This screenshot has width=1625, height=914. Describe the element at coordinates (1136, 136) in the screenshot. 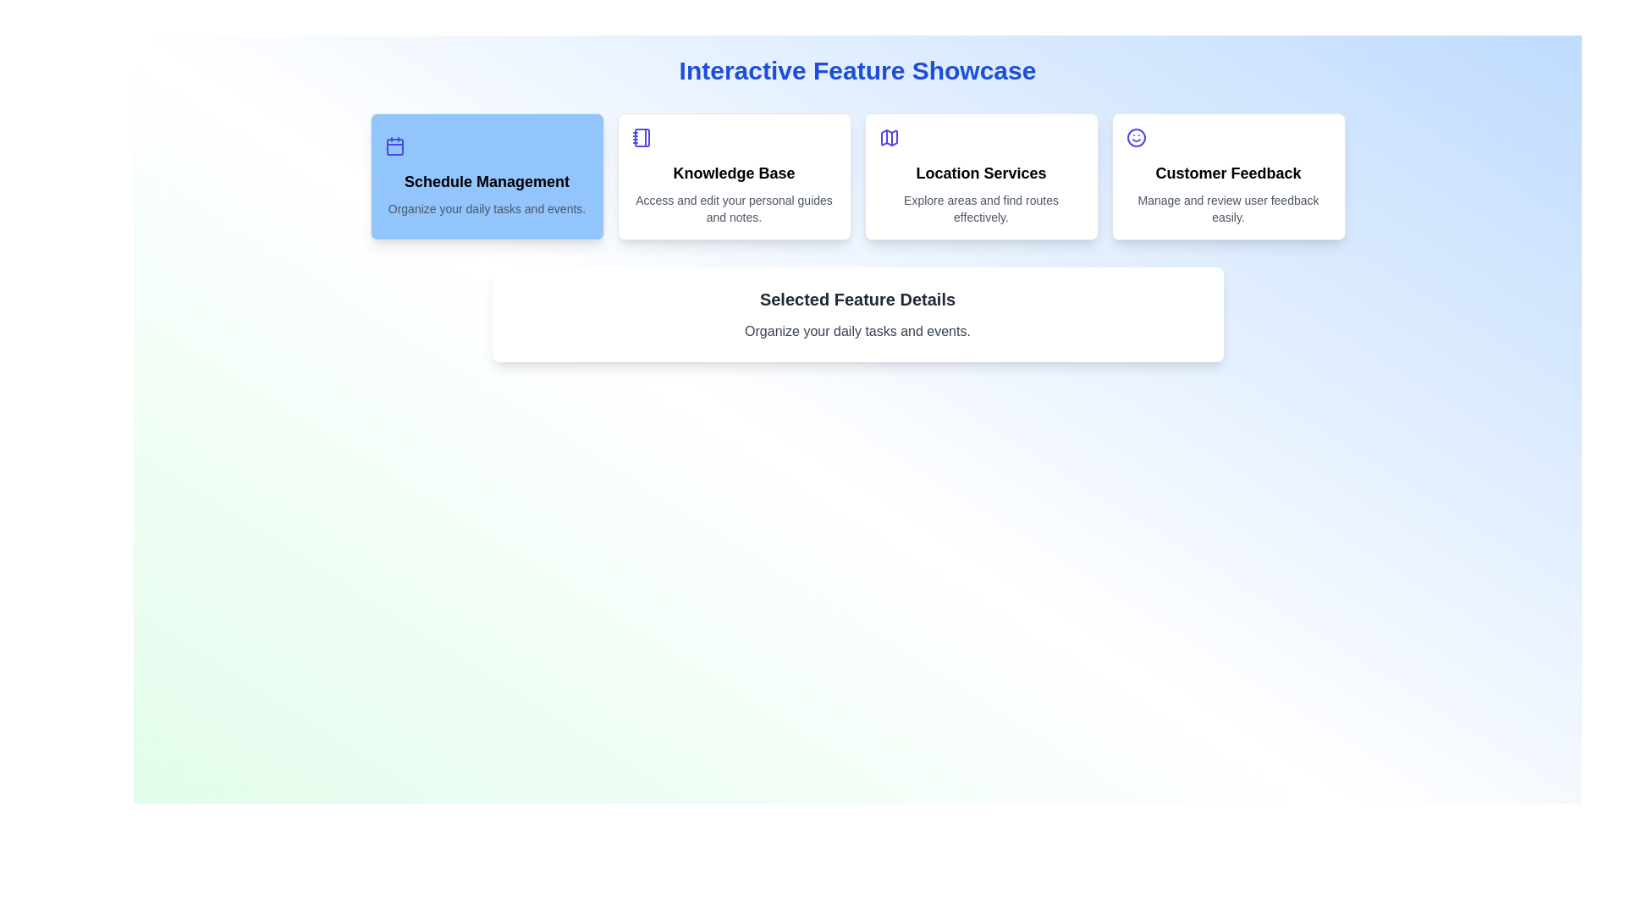

I see `the circular icon featuring a simplistic smiling face with two small eyes and a curved mouth, drawn in blue, located at the top right corner of the third card labeled 'Customer Feedback'` at that location.